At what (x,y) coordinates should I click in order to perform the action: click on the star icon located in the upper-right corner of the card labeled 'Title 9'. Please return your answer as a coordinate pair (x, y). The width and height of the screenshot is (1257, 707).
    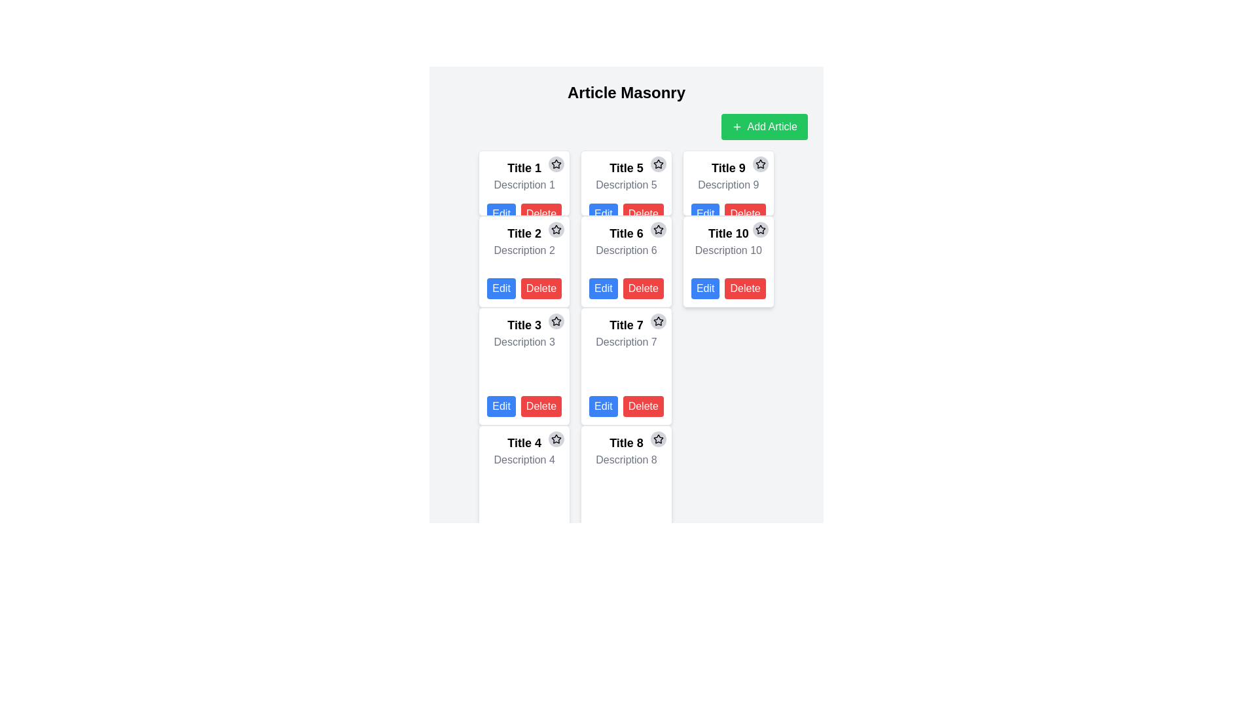
    Looking at the image, I should click on (727, 183).